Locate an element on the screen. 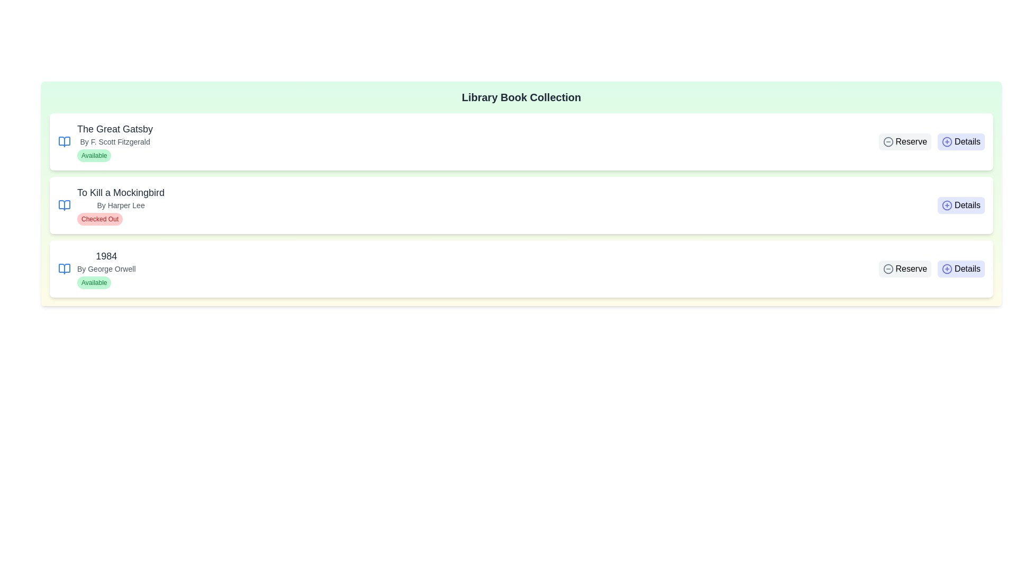 The image size is (1016, 572). the 'Reserve' button for the book titled '1984' is located at coordinates (904, 269).